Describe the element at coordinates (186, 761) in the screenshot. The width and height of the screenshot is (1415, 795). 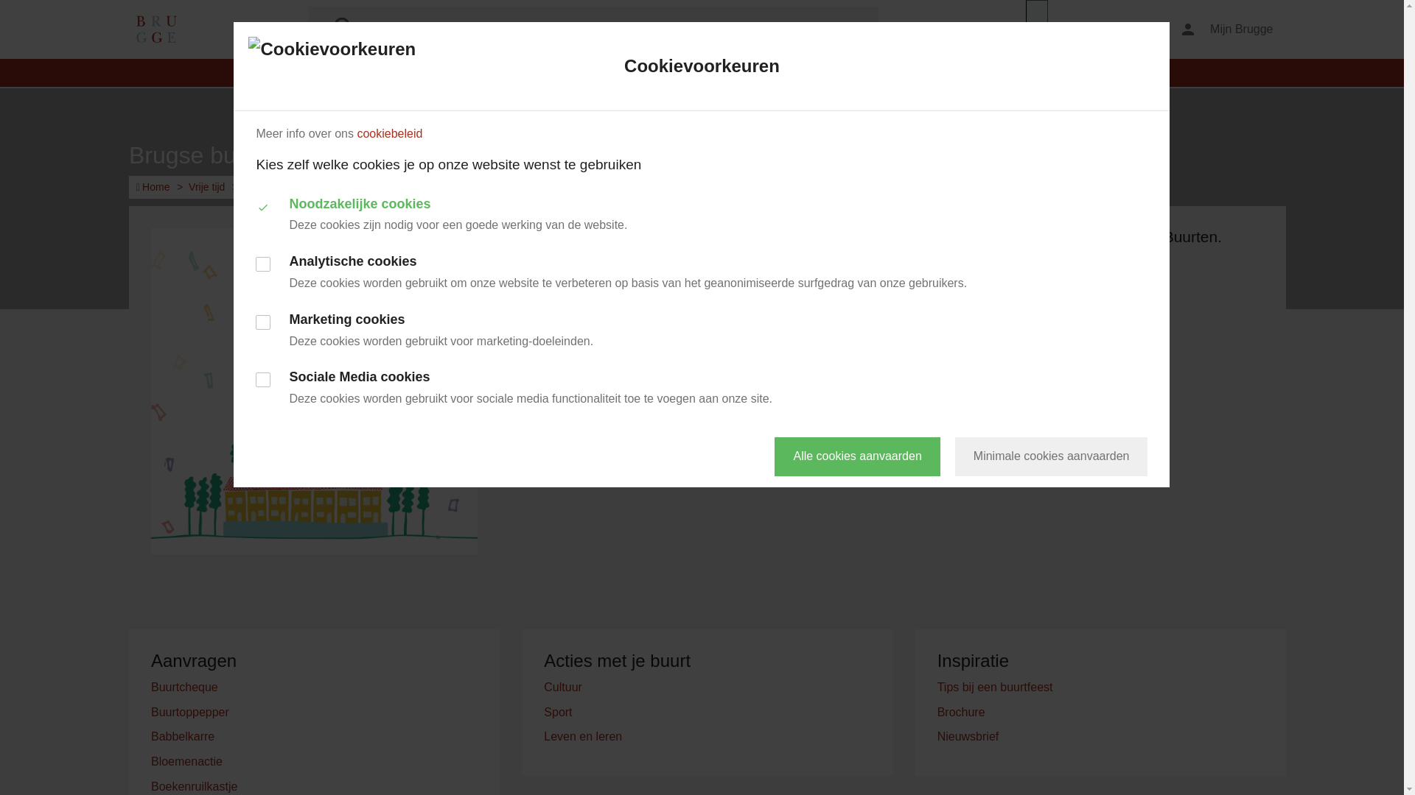
I see `'Bloemenactie'` at that location.